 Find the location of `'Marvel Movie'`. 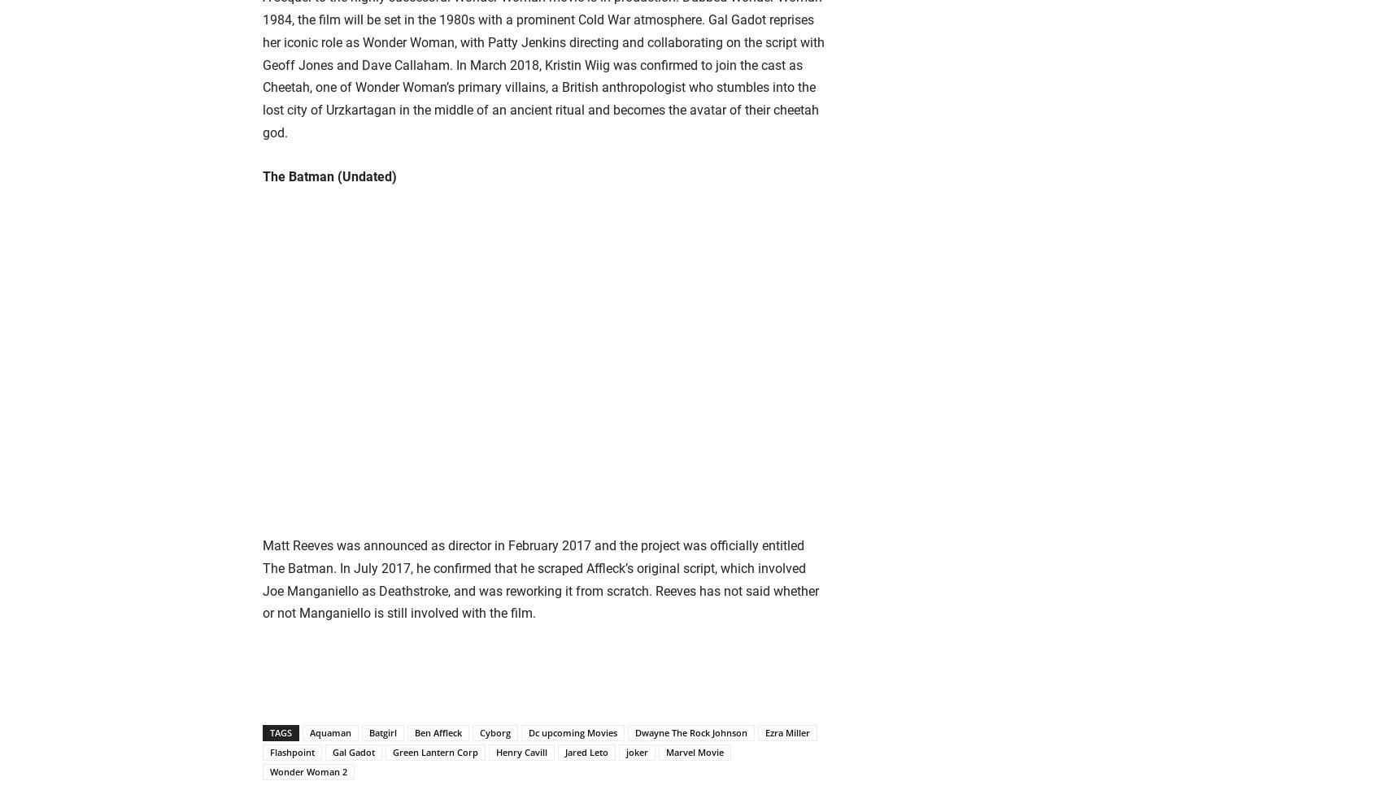

'Marvel Movie' is located at coordinates (695, 751).